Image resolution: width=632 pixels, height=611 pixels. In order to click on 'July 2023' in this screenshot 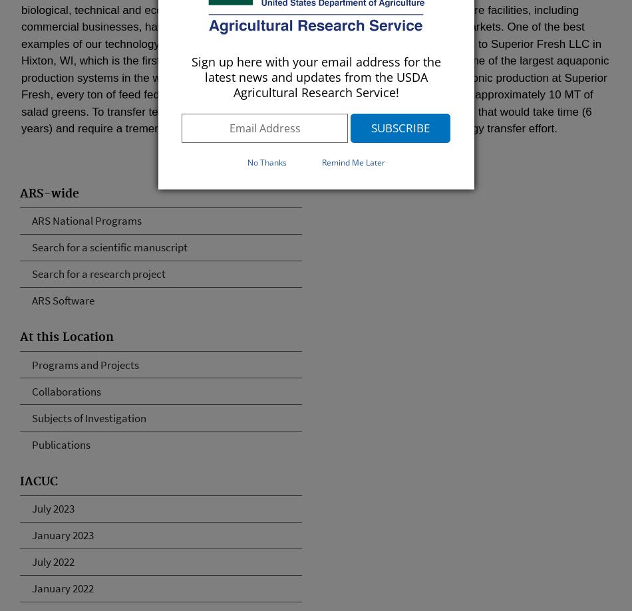, I will do `click(53, 508)`.